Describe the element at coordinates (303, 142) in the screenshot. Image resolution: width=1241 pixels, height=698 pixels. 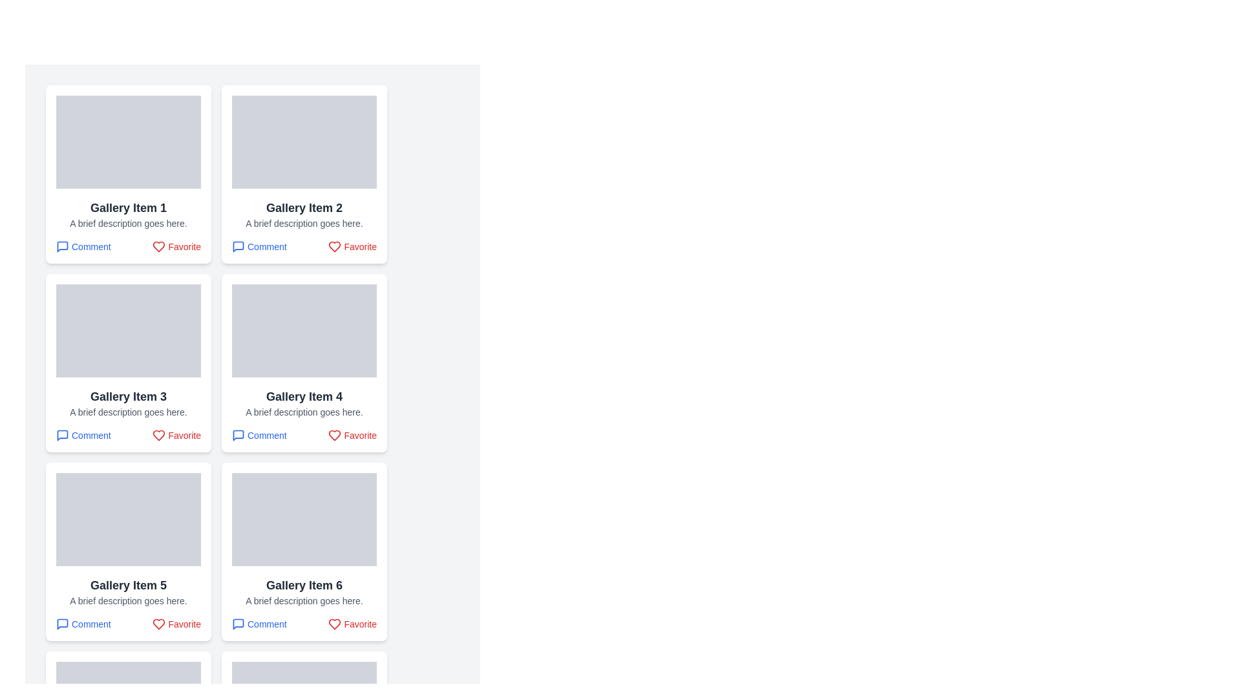
I see `the image placeholder located at the top of the 'Gallery Item 2' box to interact with it` at that location.